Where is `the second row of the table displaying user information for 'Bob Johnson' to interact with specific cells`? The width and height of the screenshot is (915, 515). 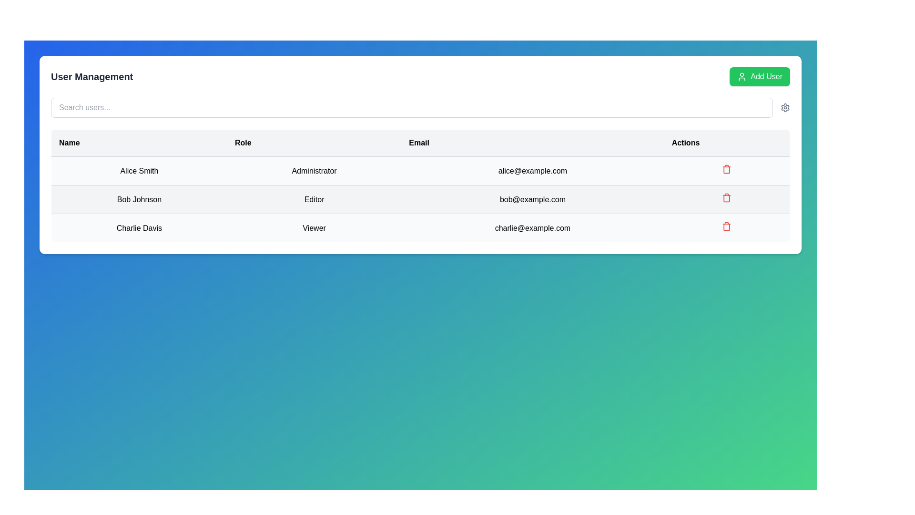
the second row of the table displaying user information for 'Bob Johnson' to interact with specific cells is located at coordinates (420, 199).